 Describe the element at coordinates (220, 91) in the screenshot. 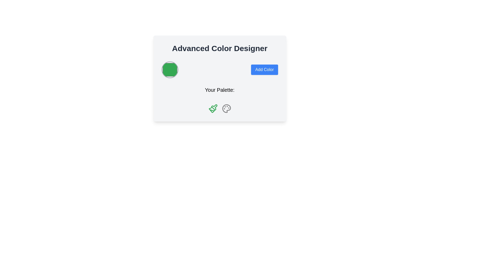

I see `the static text header displaying 'Your Palette:' which is positioned centrally below the 'Add Color' button` at that location.